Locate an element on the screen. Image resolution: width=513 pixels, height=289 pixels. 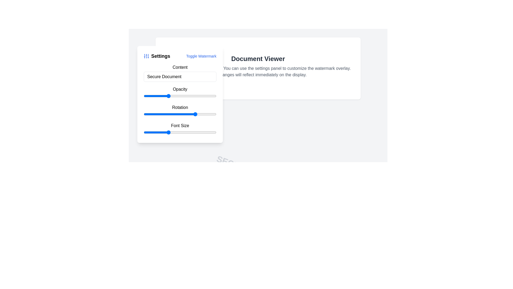
the clickable text link for toggling the watermark feature, located in the top-right of the settings panel header is located at coordinates (201, 56).